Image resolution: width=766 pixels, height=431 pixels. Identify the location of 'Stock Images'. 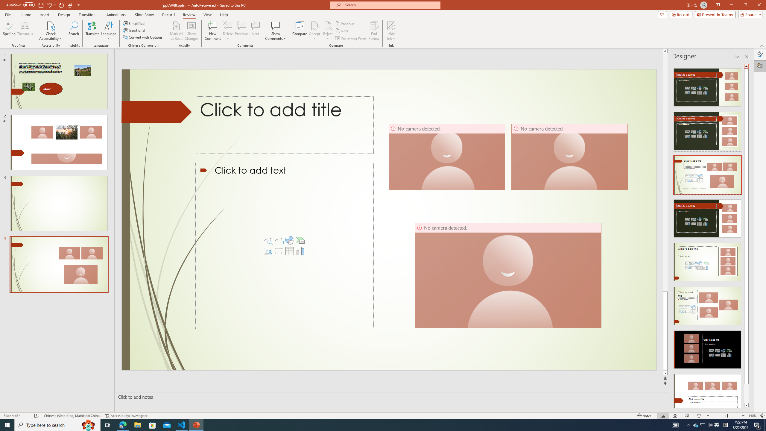
(268, 240).